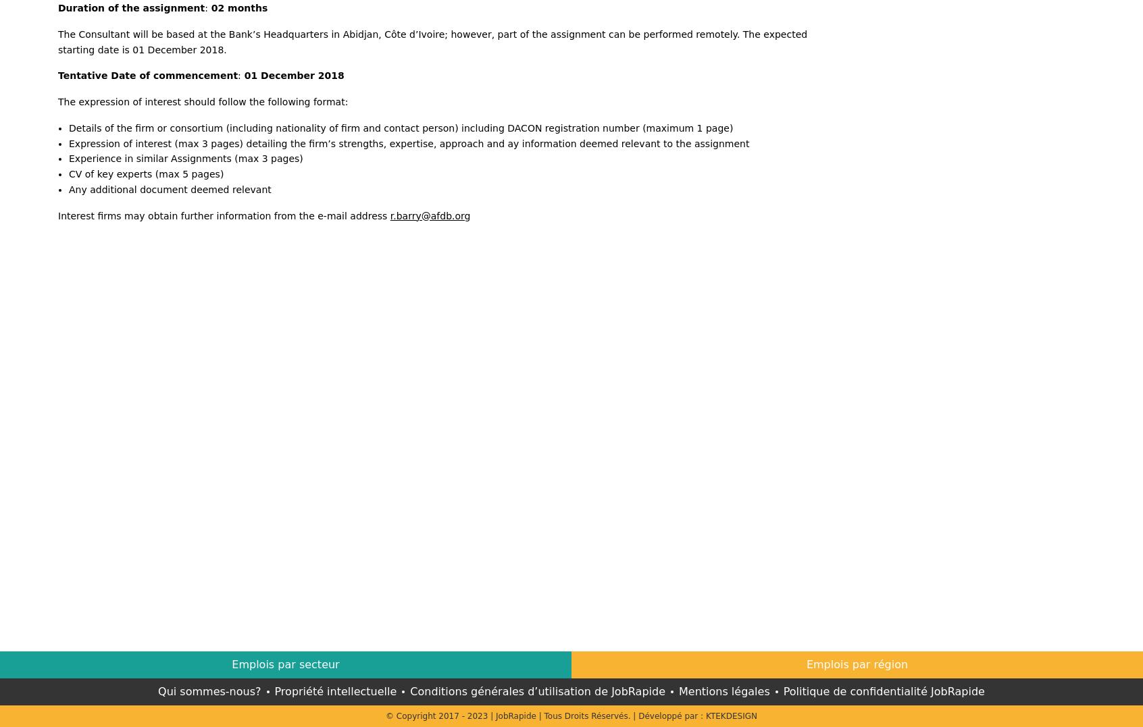  I want to click on 'Politique de confidentialité JobRapide', so click(782, 690).